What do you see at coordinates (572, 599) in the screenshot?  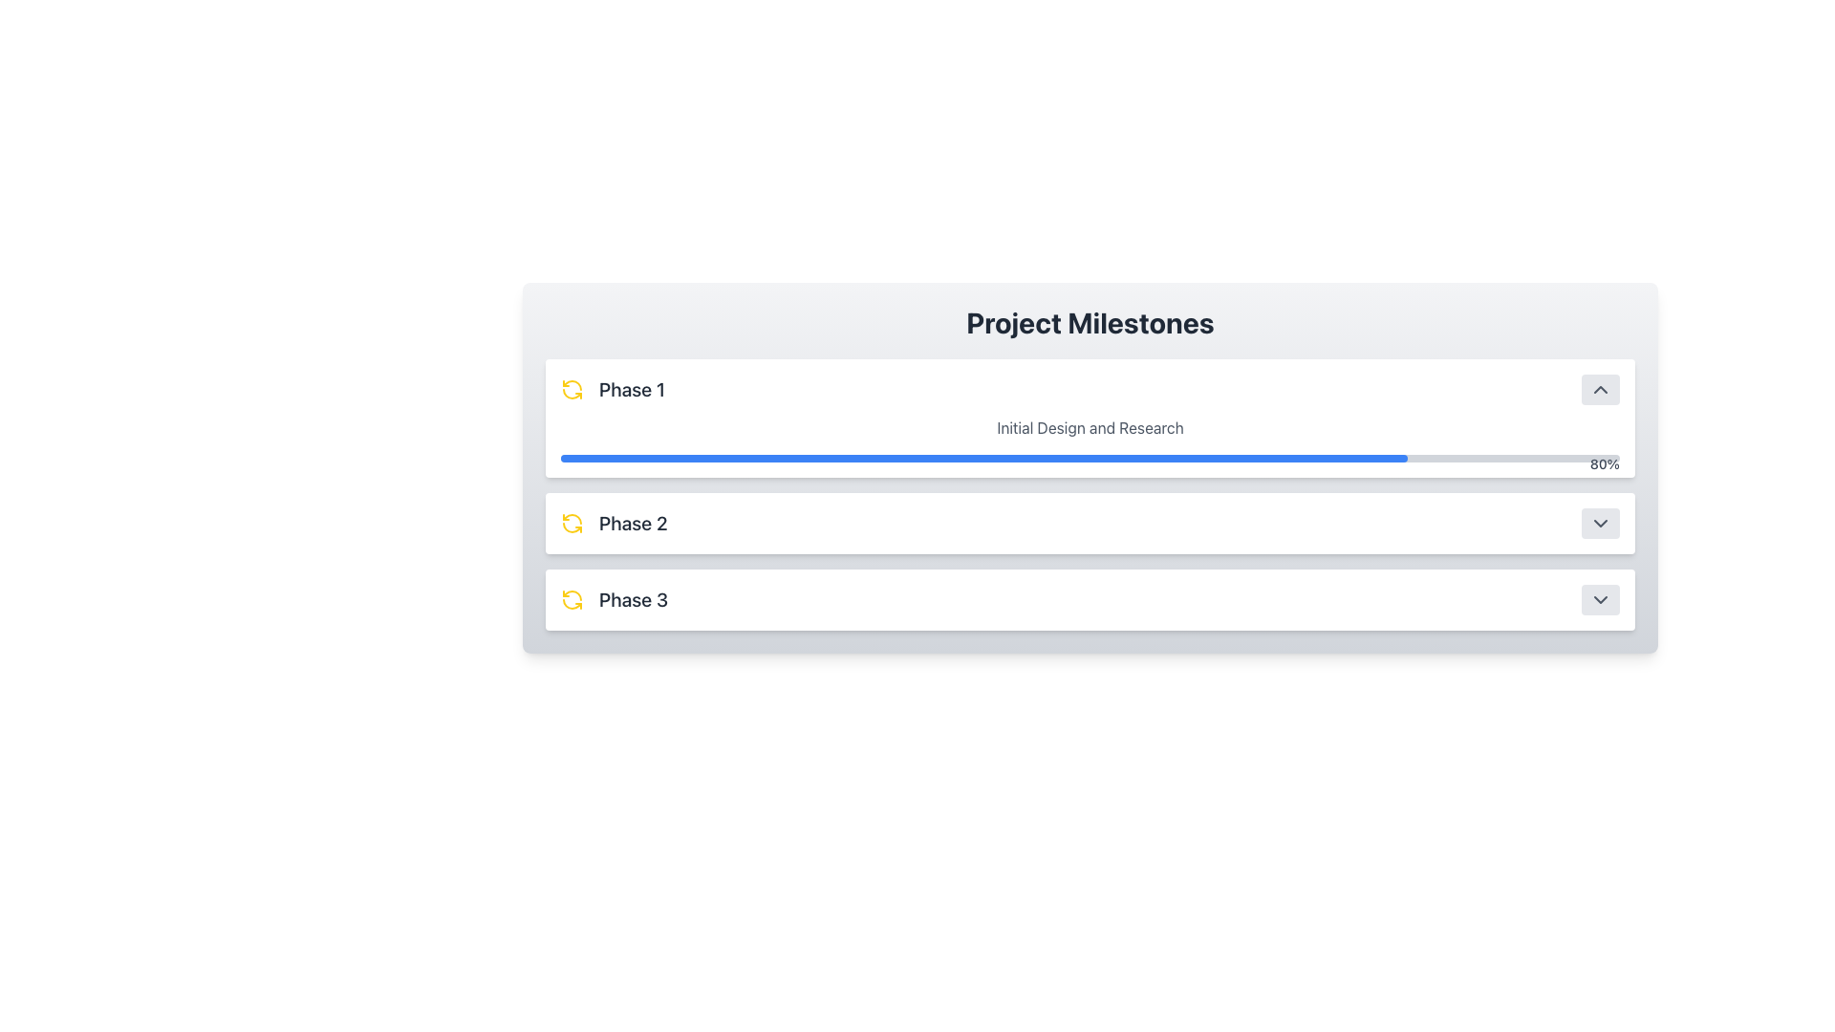 I see `the bright yellow circular arrow icon indicating a repeat or refresh action, which is located to the left of the text 'Phase 3' in the third entry of the vertical list of project phases` at bounding box center [572, 599].